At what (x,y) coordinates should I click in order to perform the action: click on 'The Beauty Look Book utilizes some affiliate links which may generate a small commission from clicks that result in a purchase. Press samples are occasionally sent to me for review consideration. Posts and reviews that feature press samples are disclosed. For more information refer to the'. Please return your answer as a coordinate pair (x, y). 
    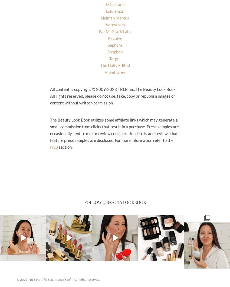
    Looking at the image, I should click on (114, 129).